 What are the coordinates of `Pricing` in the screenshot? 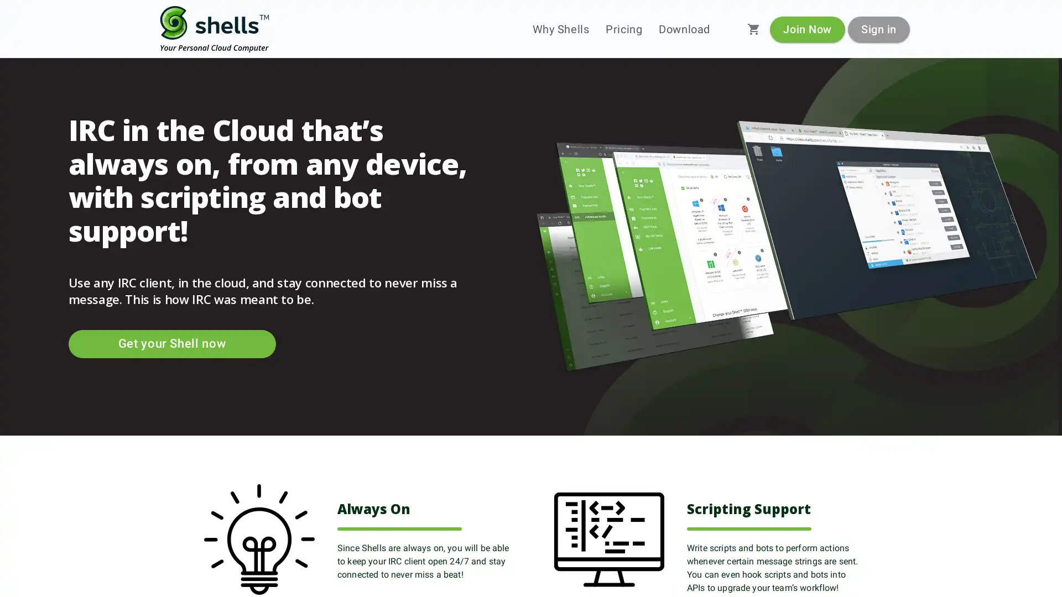 It's located at (624, 29).